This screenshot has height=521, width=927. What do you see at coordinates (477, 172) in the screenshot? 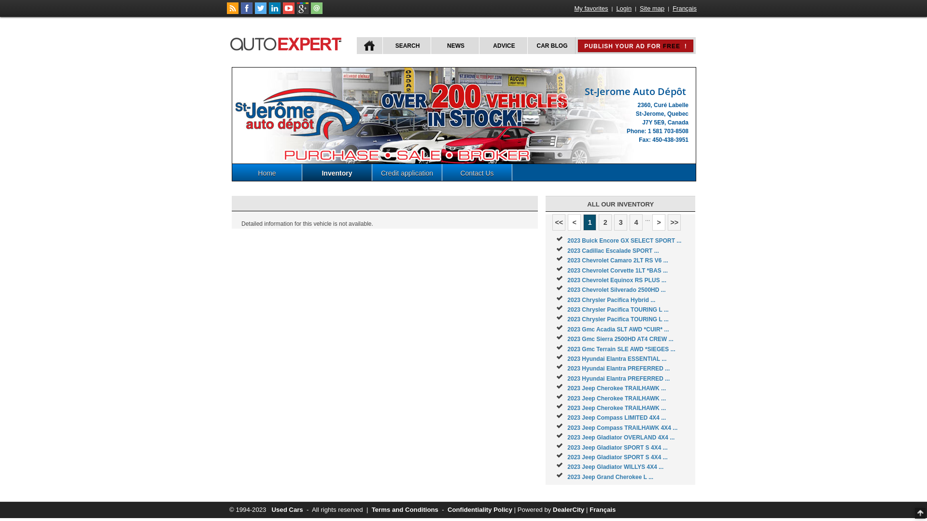
I see `'Contact Us'` at bounding box center [477, 172].